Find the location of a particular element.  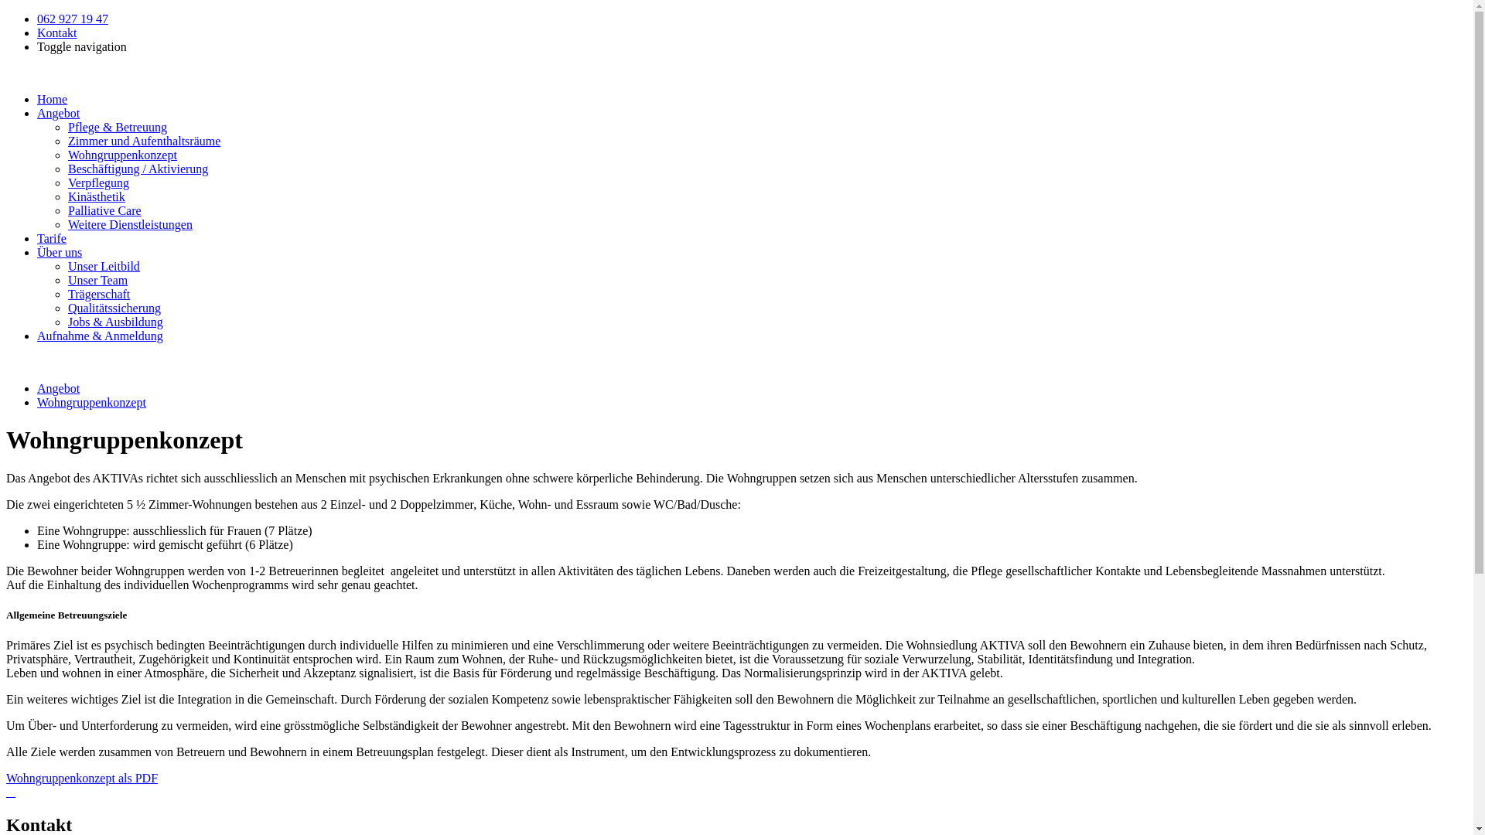

'Unser Leitbild' is located at coordinates (103, 265).